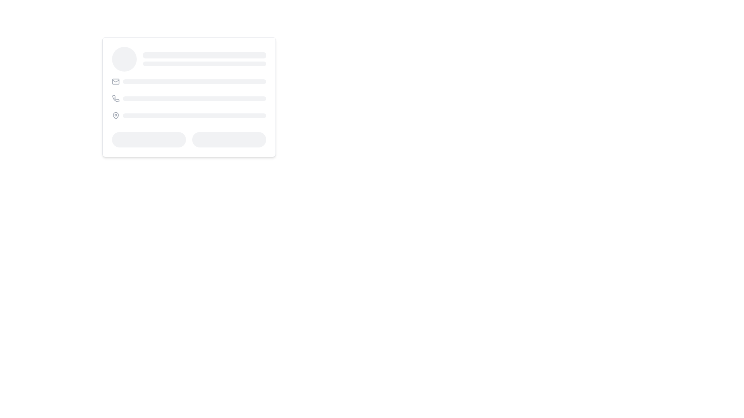 The height and width of the screenshot is (418, 744). What do you see at coordinates (115, 81) in the screenshot?
I see `the Email/Mail icon located within the interface, which is visually represented as a messaging feature and positioned next to a text-related element` at bounding box center [115, 81].